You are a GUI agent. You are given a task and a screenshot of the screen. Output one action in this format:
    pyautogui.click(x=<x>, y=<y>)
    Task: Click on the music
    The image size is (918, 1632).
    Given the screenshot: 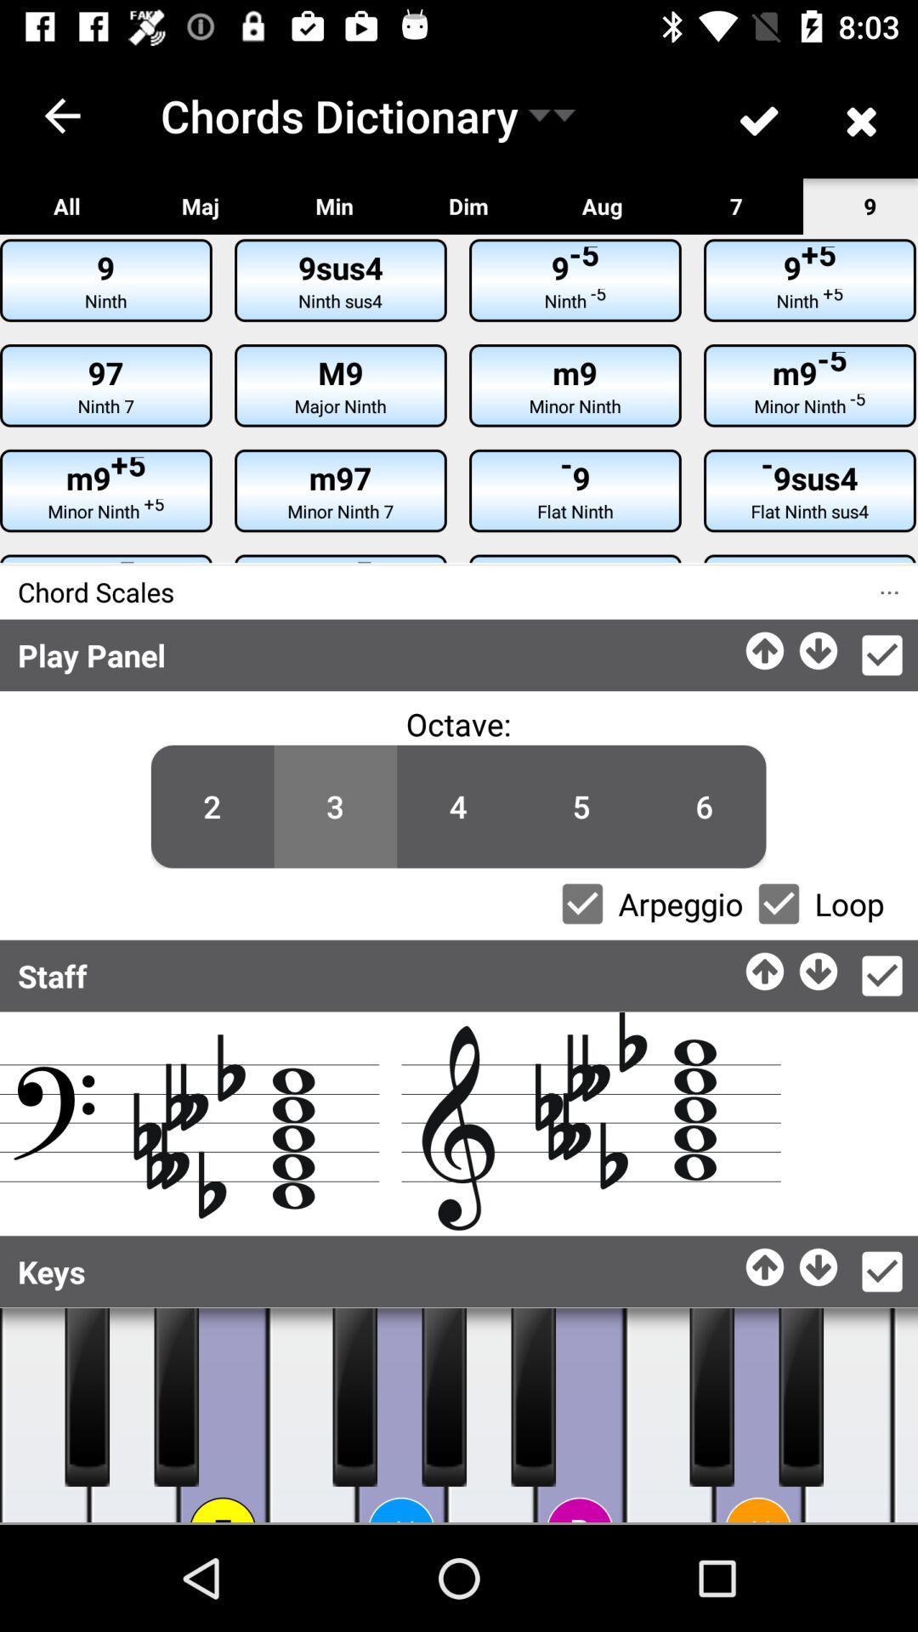 What is the action you would take?
    pyautogui.click(x=222, y=1415)
    